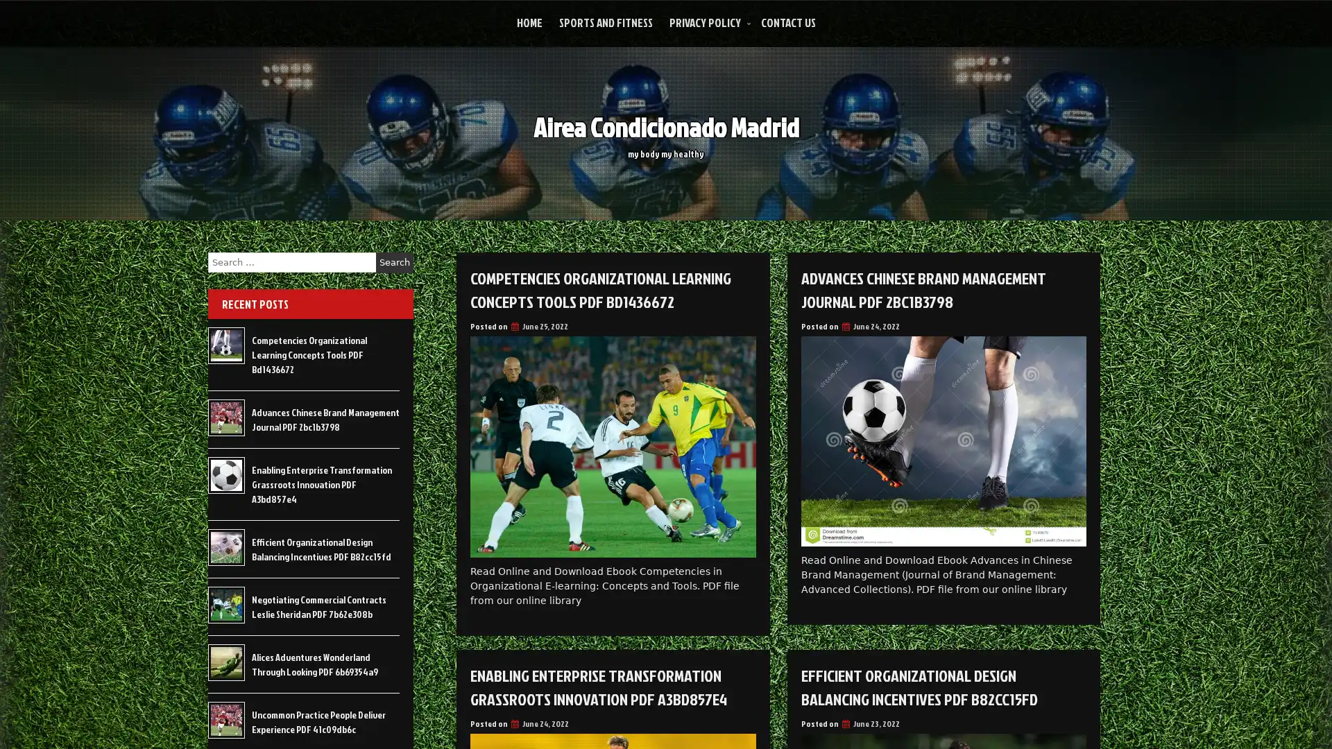 Image resolution: width=1332 pixels, height=749 pixels. Describe the element at coordinates (394, 262) in the screenshot. I see `Search` at that location.